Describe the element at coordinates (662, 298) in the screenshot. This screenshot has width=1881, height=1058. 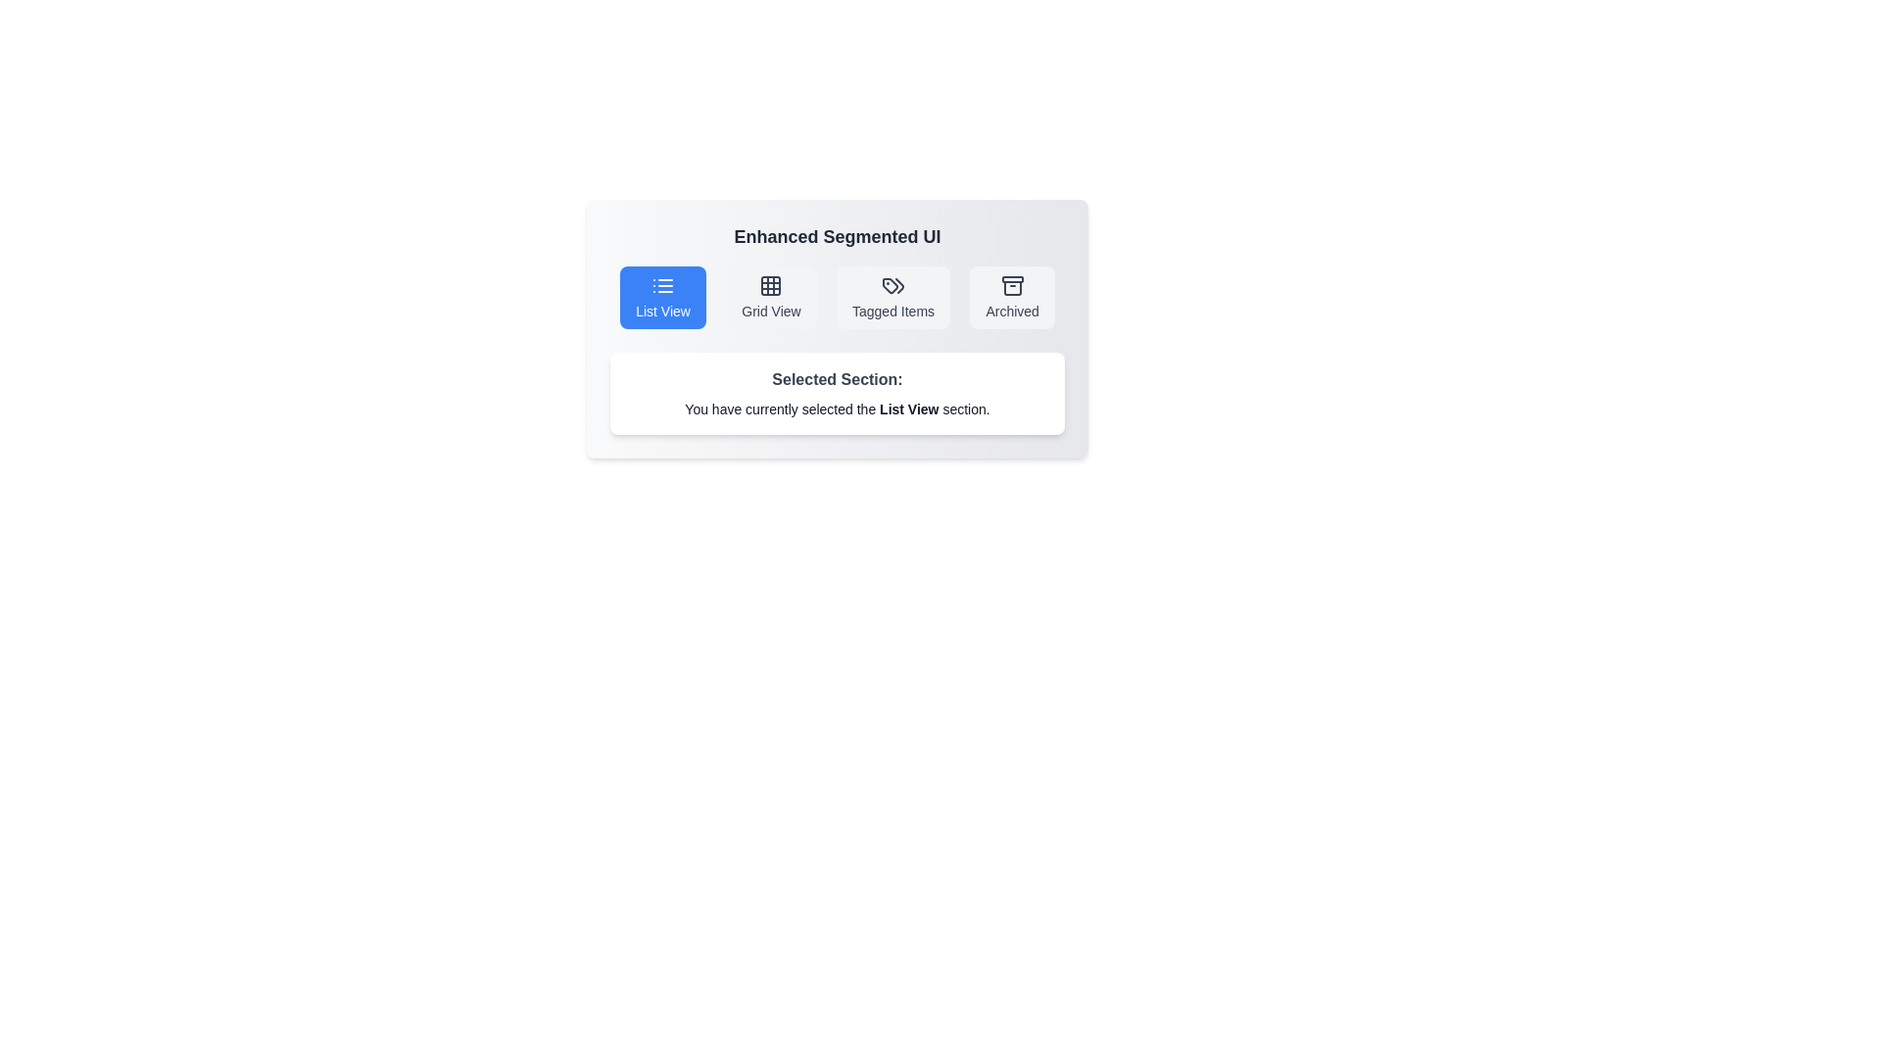
I see `the 'List View' button located under the 'Enhanced Segmented UI' title` at that location.